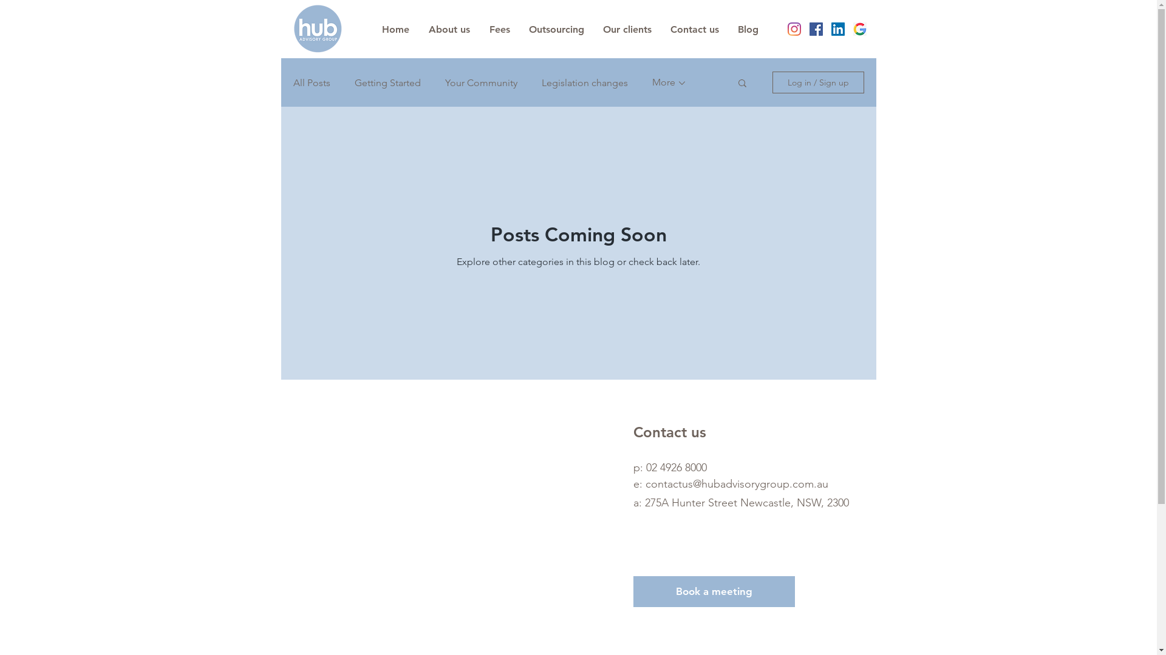 This screenshot has height=655, width=1166. What do you see at coordinates (714, 591) in the screenshot?
I see `'Book a meeting'` at bounding box center [714, 591].